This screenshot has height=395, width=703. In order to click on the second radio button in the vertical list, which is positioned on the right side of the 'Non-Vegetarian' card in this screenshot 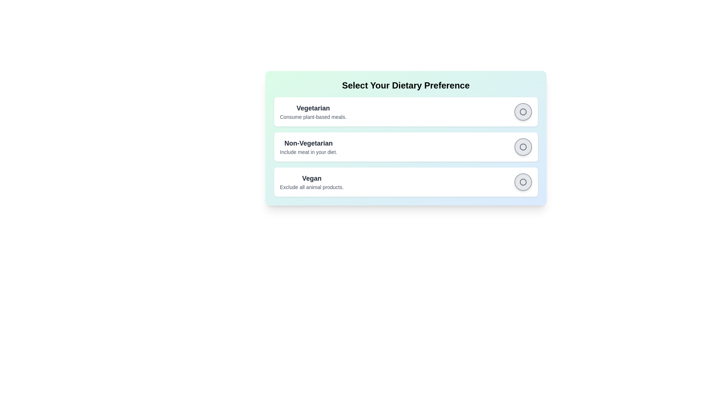, I will do `click(522, 147)`.